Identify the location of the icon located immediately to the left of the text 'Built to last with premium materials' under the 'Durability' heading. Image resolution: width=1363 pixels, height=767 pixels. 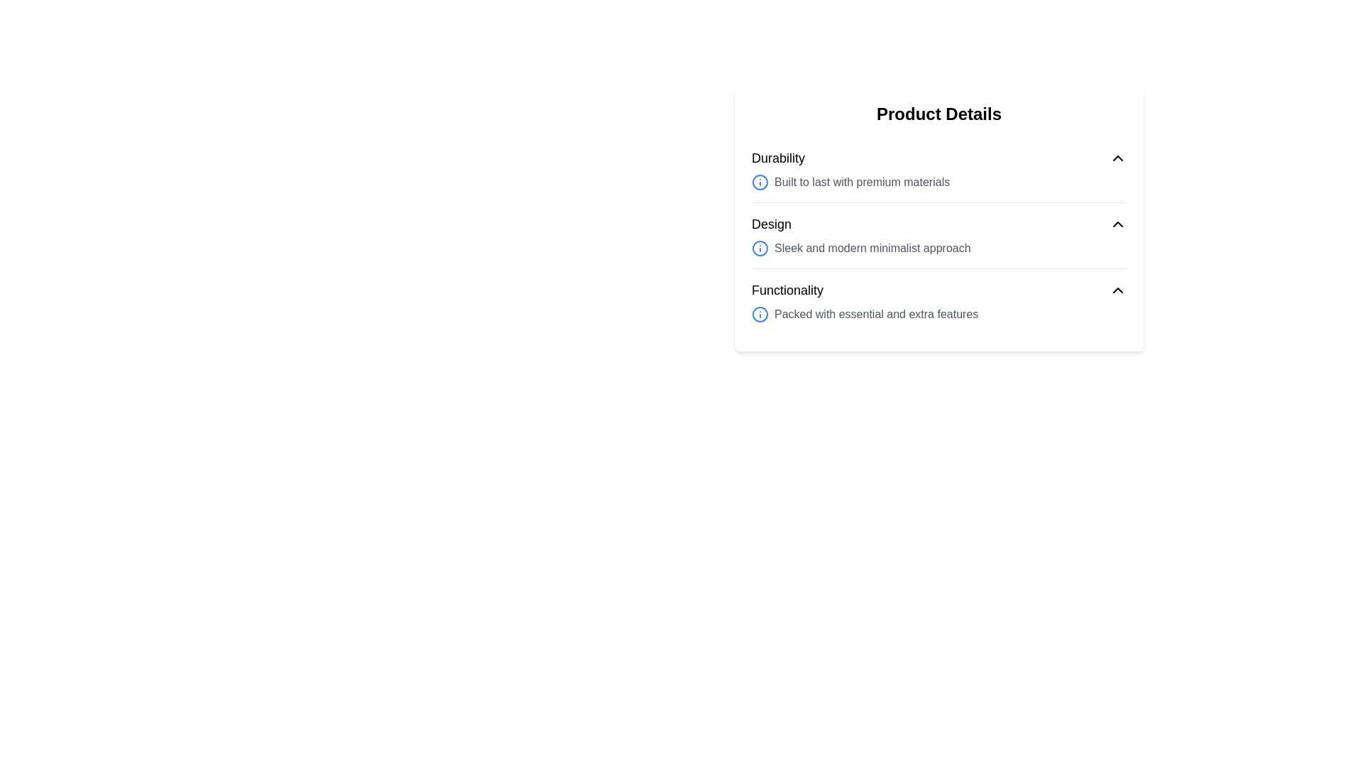
(759, 182).